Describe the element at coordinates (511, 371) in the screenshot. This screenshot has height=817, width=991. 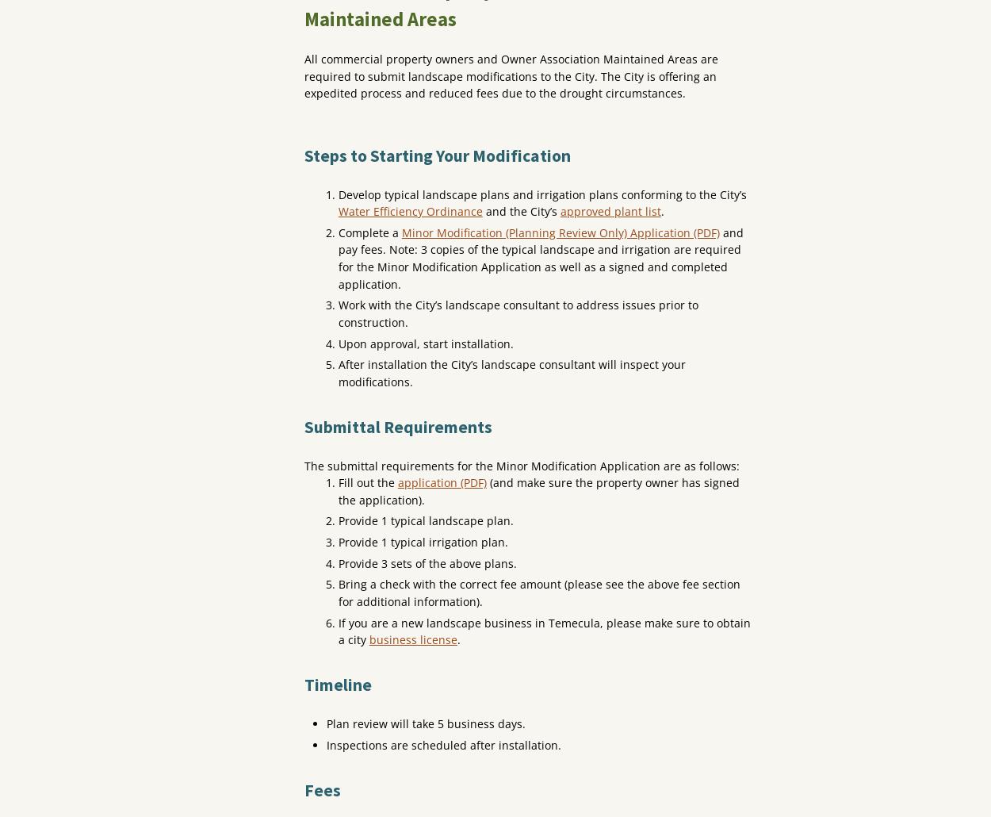
I see `'After installation the City’s landscape consultant will inspect your modifications.'` at that location.